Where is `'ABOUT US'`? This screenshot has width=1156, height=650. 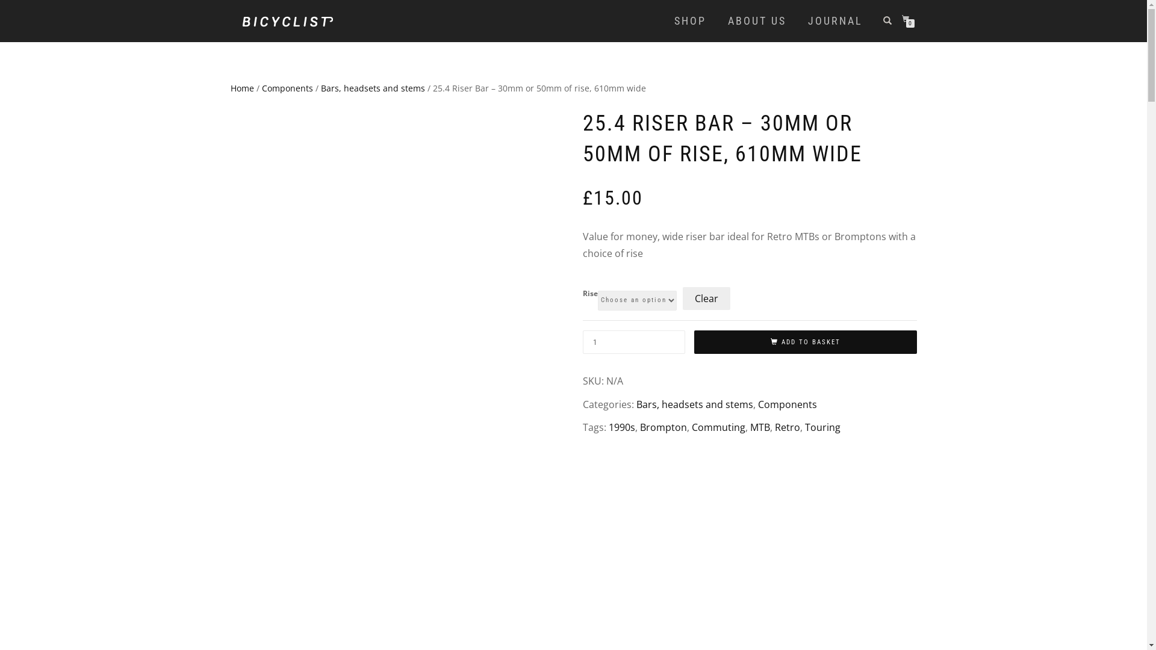
'ABOUT US' is located at coordinates (756, 20).